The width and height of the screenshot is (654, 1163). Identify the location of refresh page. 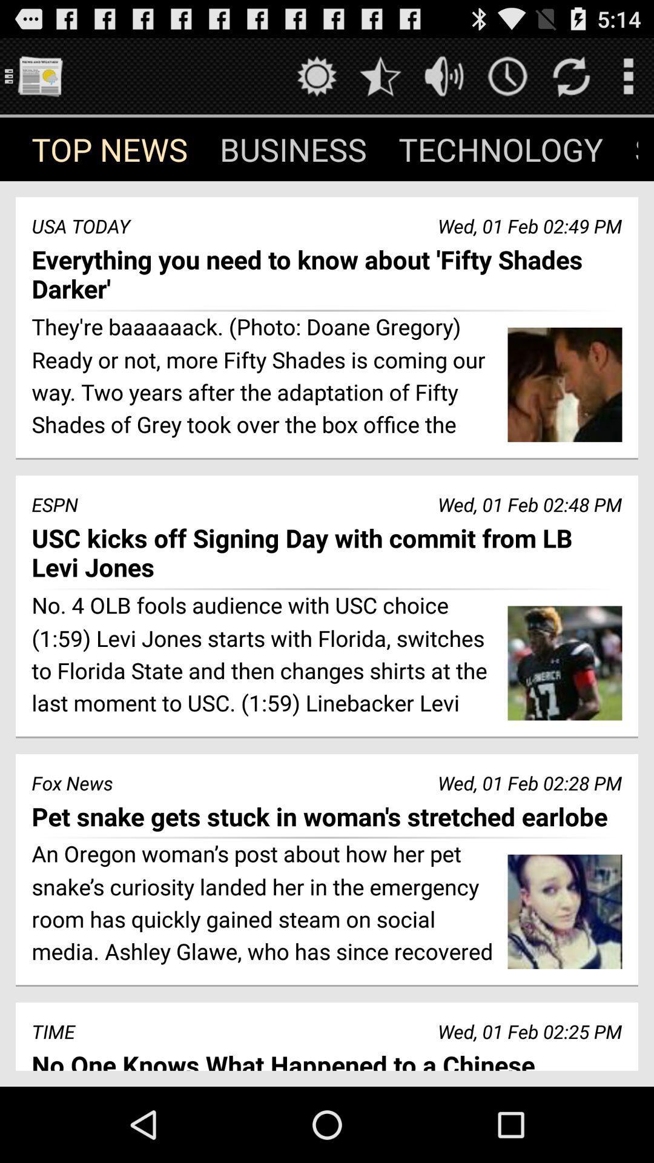
(571, 75).